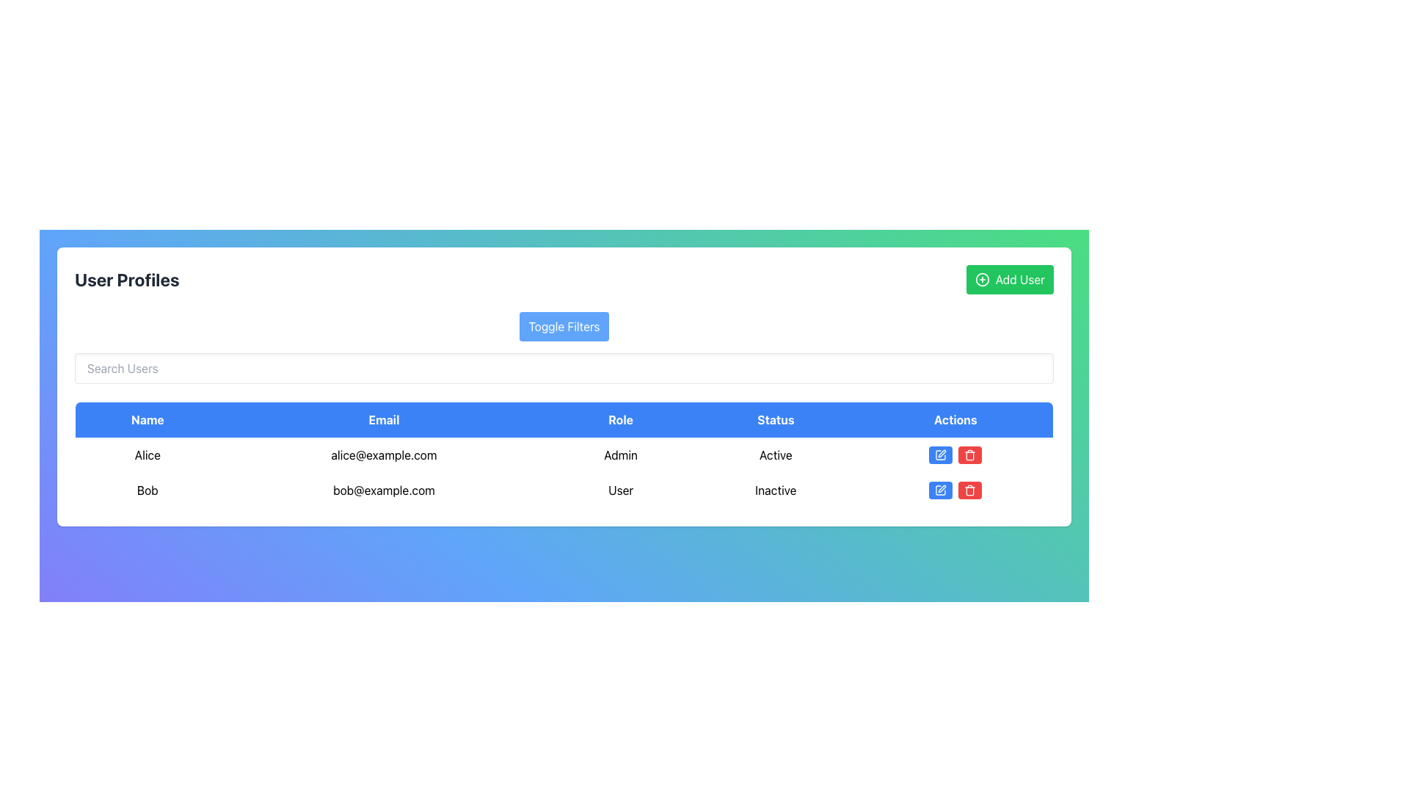  What do you see at coordinates (941, 455) in the screenshot?
I see `the blue rounded button with a white pen icon located in the 'Actions' column of the top row in the data table` at bounding box center [941, 455].